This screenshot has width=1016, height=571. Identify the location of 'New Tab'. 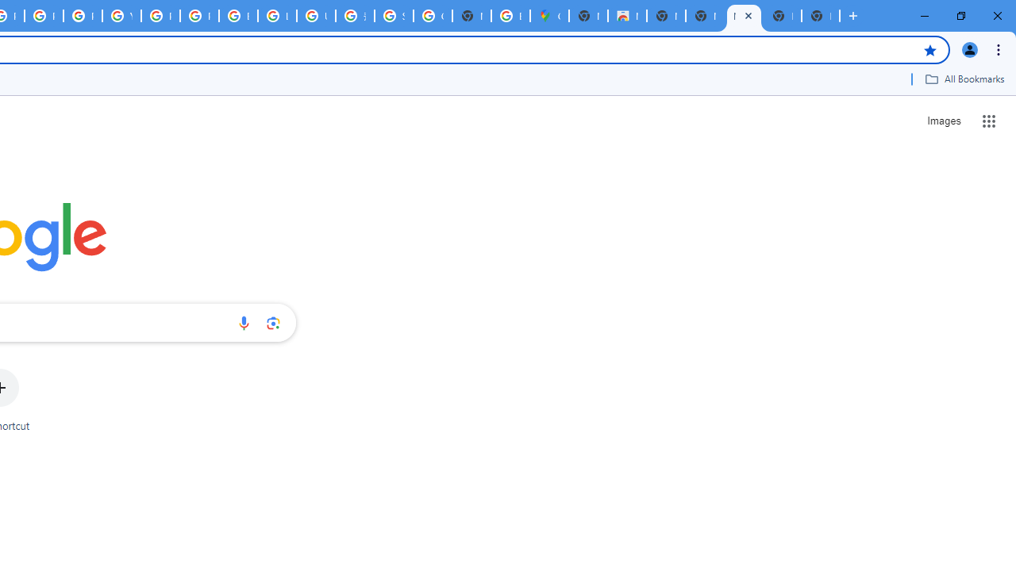
(783, 16).